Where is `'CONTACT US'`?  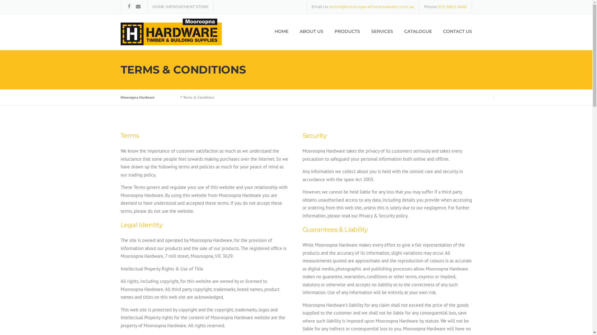
'CONTACT US' is located at coordinates (454, 37).